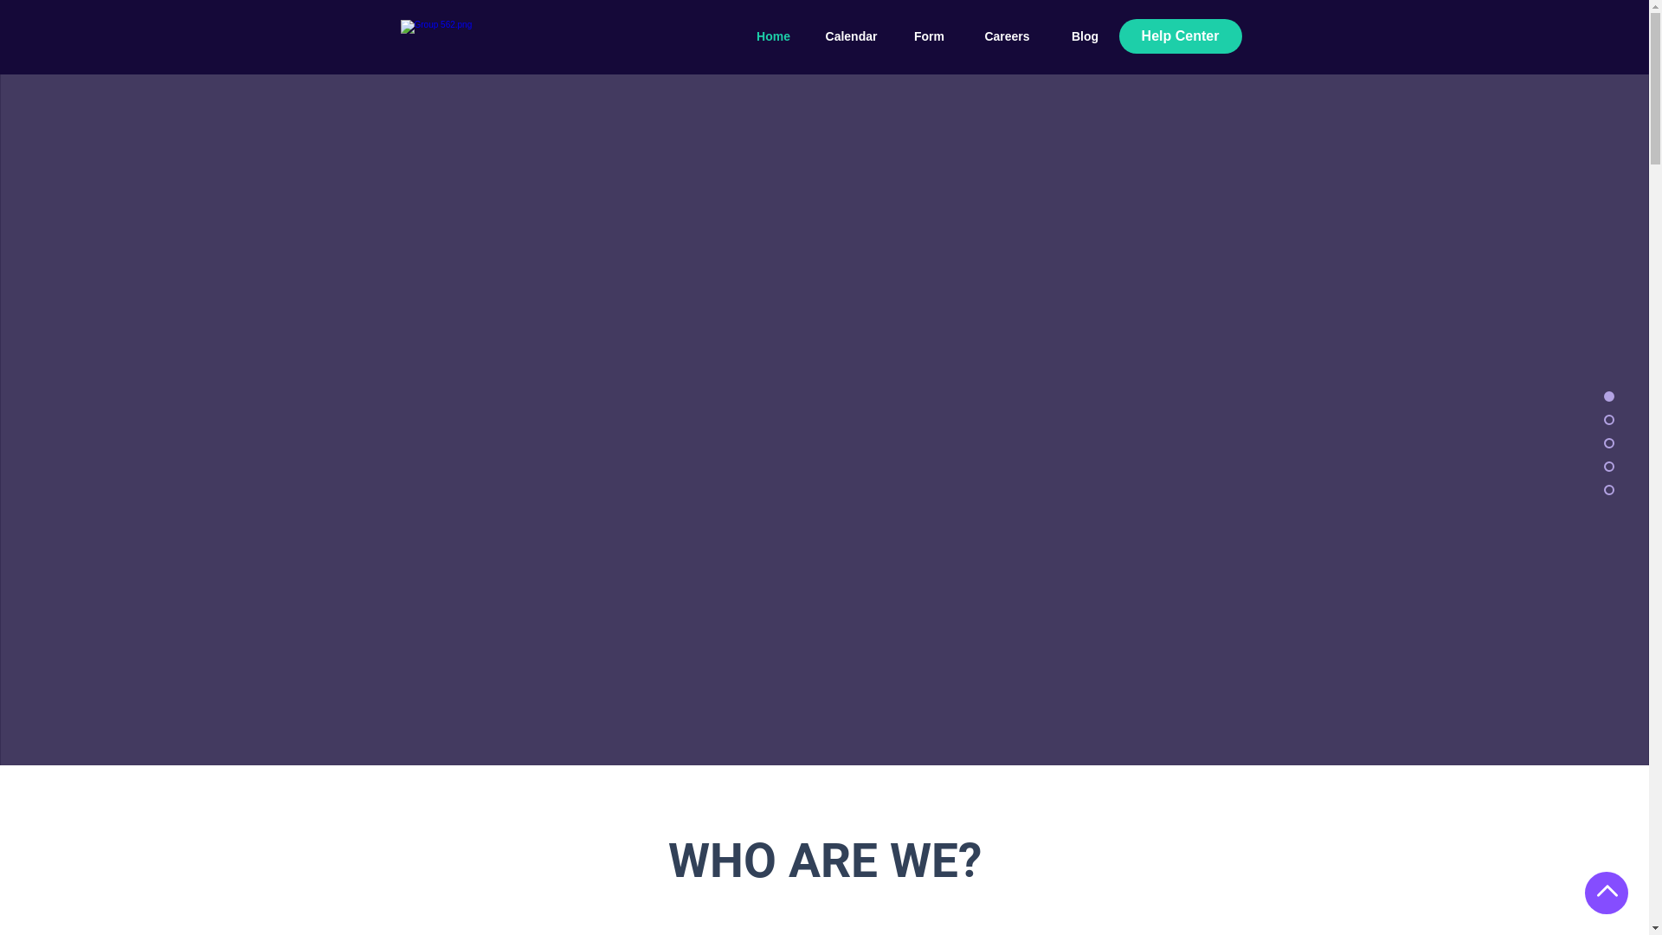 This screenshot has height=935, width=1662. What do you see at coordinates (1179, 36) in the screenshot?
I see `'Help Center'` at bounding box center [1179, 36].